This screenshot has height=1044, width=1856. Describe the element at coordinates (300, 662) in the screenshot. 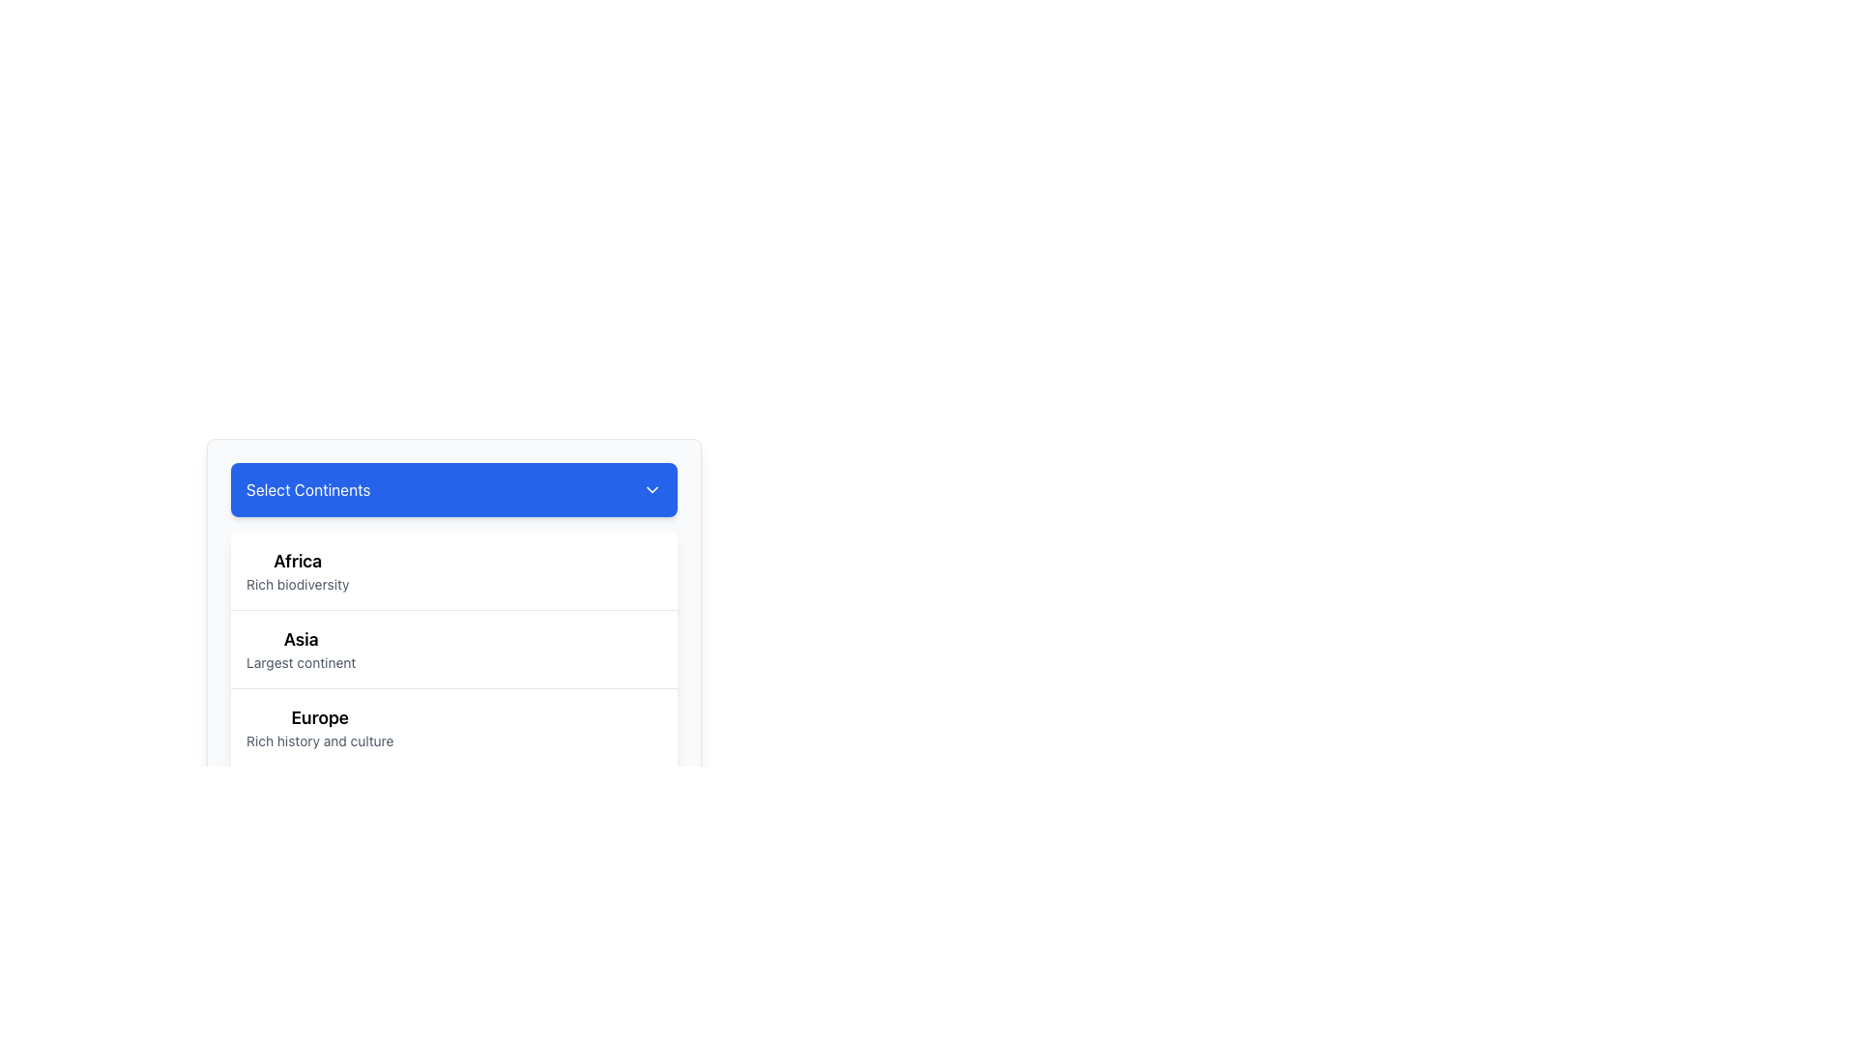

I see `the text label displaying 'Largest continent' in a small, gray font, positioned below 'Asia' in the 'Select Continents' dropdown` at that location.